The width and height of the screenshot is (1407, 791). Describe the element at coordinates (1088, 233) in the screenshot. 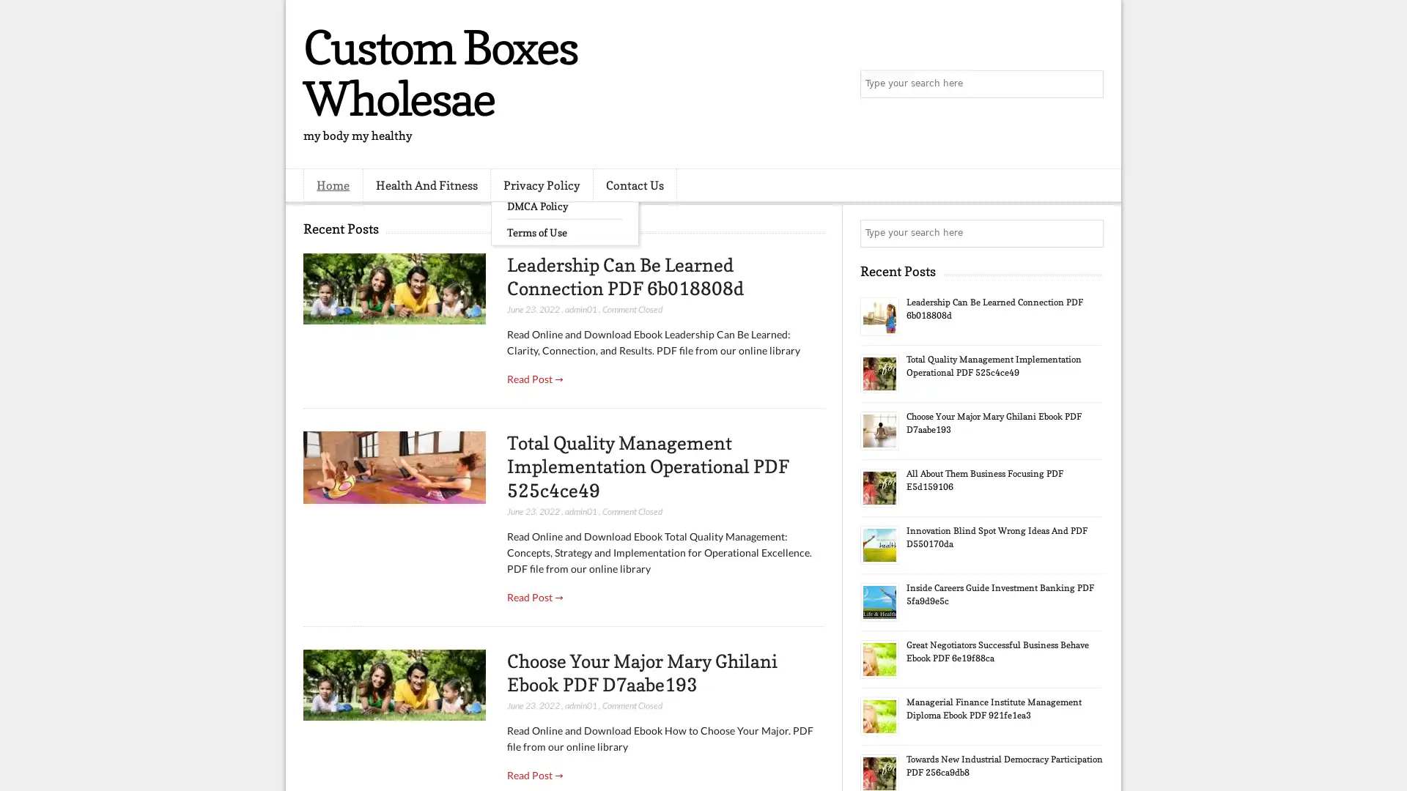

I see `Search` at that location.